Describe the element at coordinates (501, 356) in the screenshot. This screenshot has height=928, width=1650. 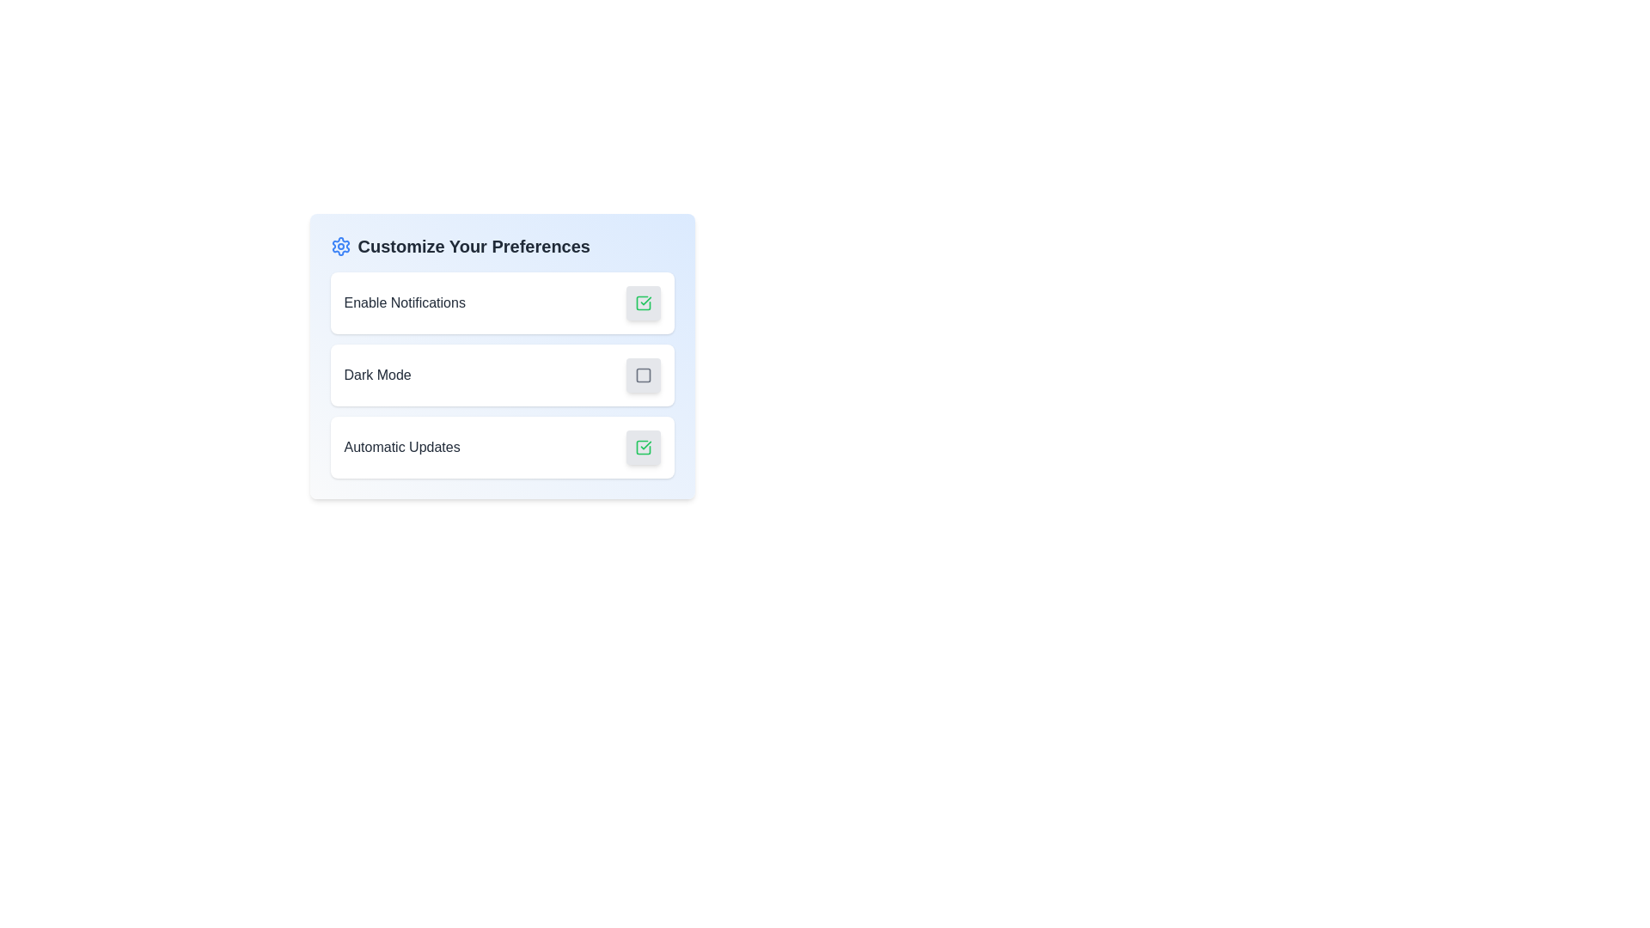
I see `the second option 'Dark Mode' in the Toggle Setting Item titled 'Customize Your Preferences'` at that location.